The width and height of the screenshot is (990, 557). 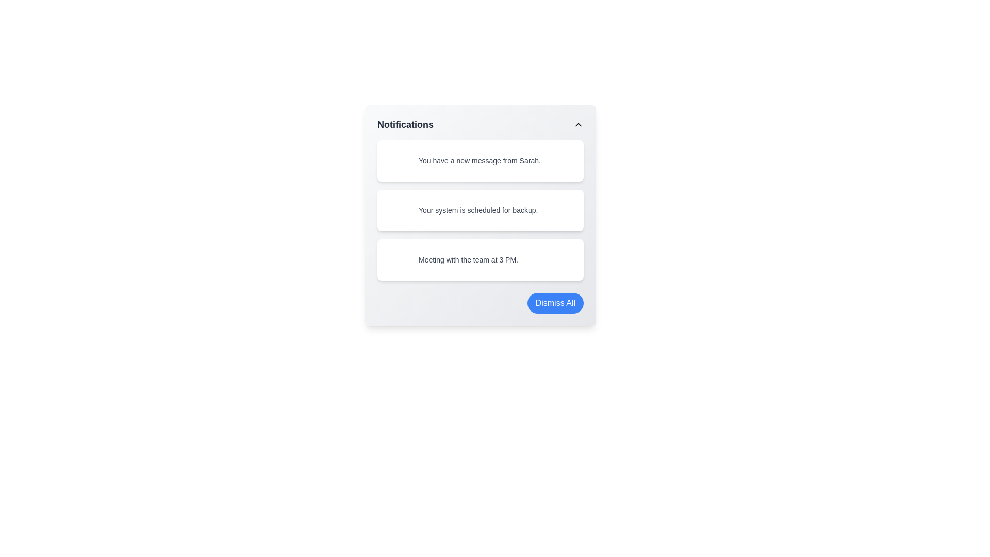 What do you see at coordinates (480, 161) in the screenshot?
I see `the first notification card in the Notifications window, which contains the text 'You have a new message from Sarah.'` at bounding box center [480, 161].